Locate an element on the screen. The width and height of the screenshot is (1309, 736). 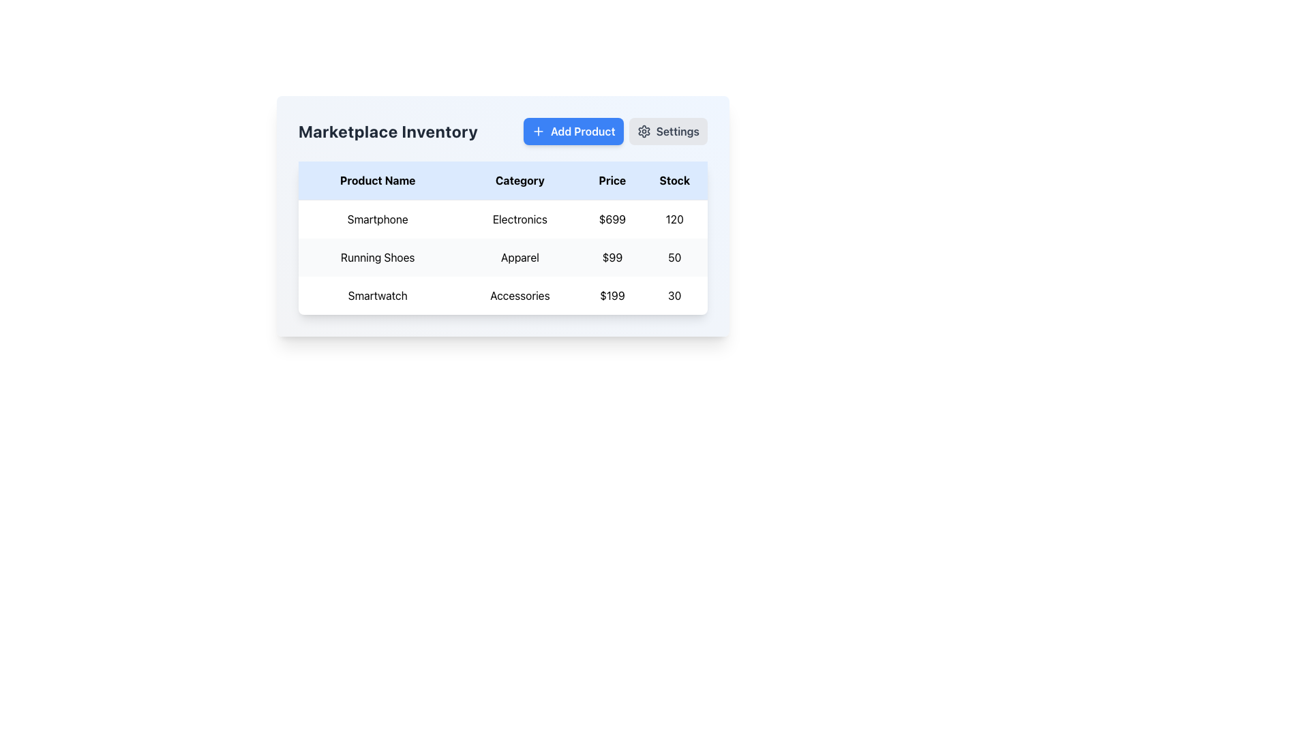
to select the second row in the data table containing the product 'Running Shoes', which has a light gray background is located at coordinates (502, 258).